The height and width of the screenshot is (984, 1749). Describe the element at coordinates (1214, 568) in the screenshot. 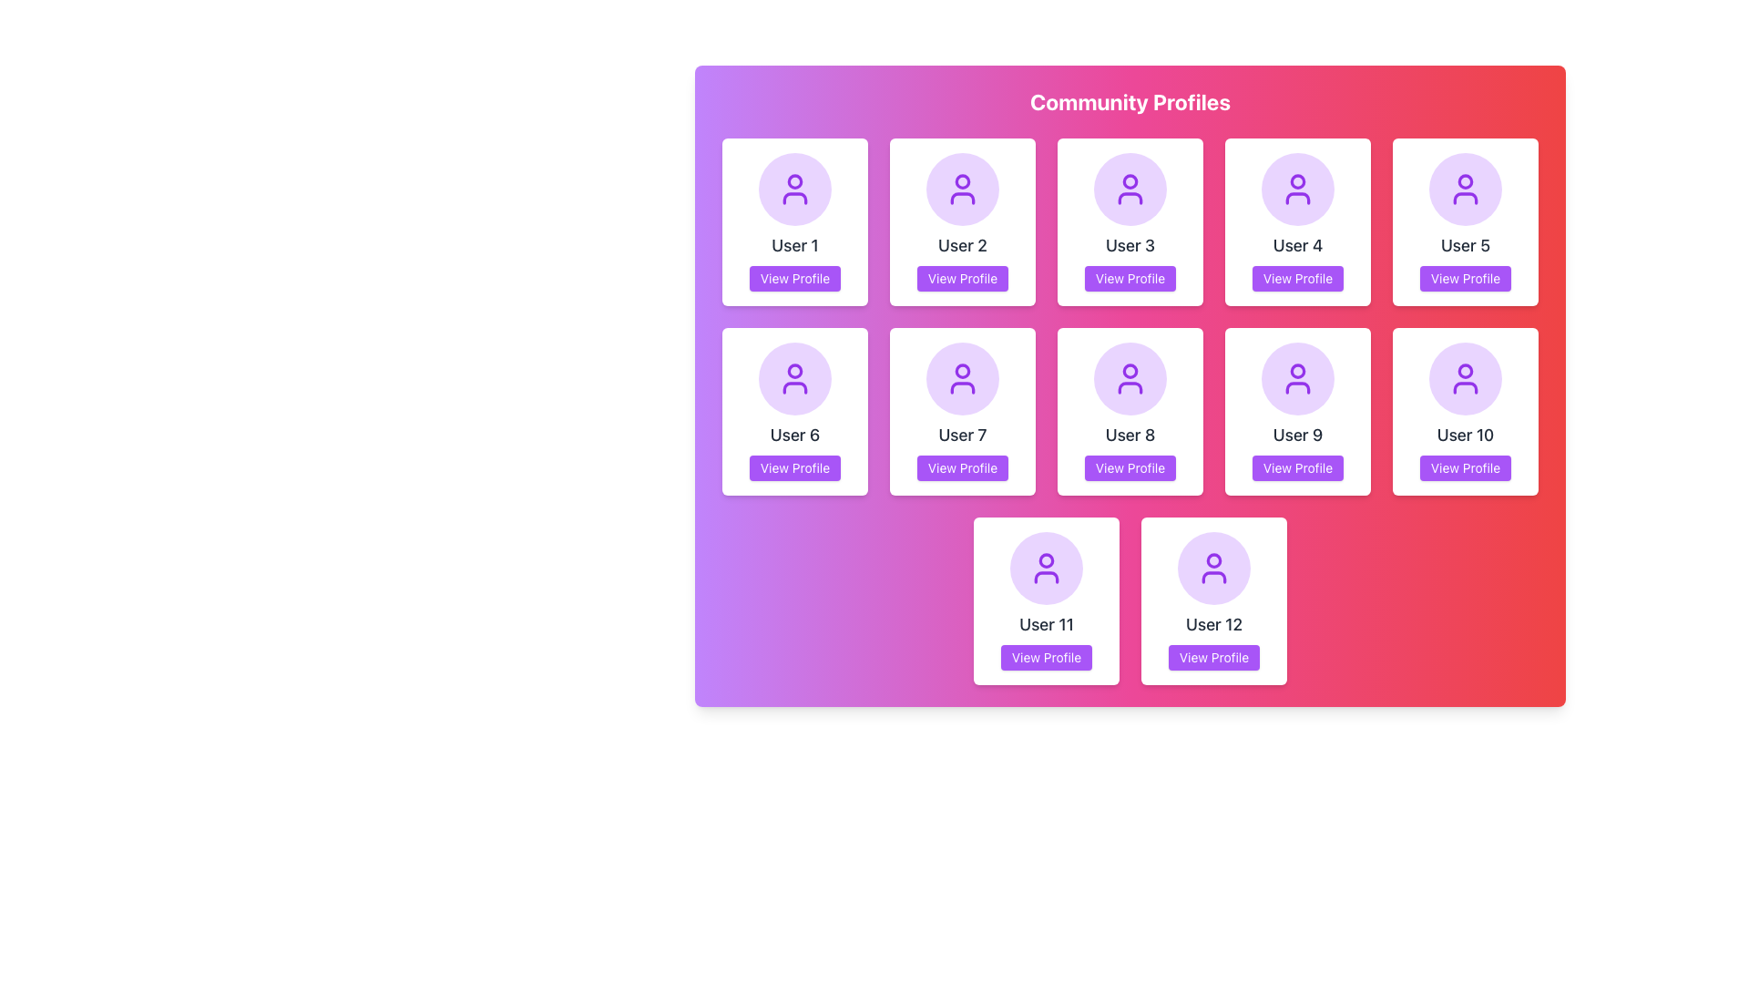

I see `the user profile icon with a purple border representing 'User 12'` at that location.